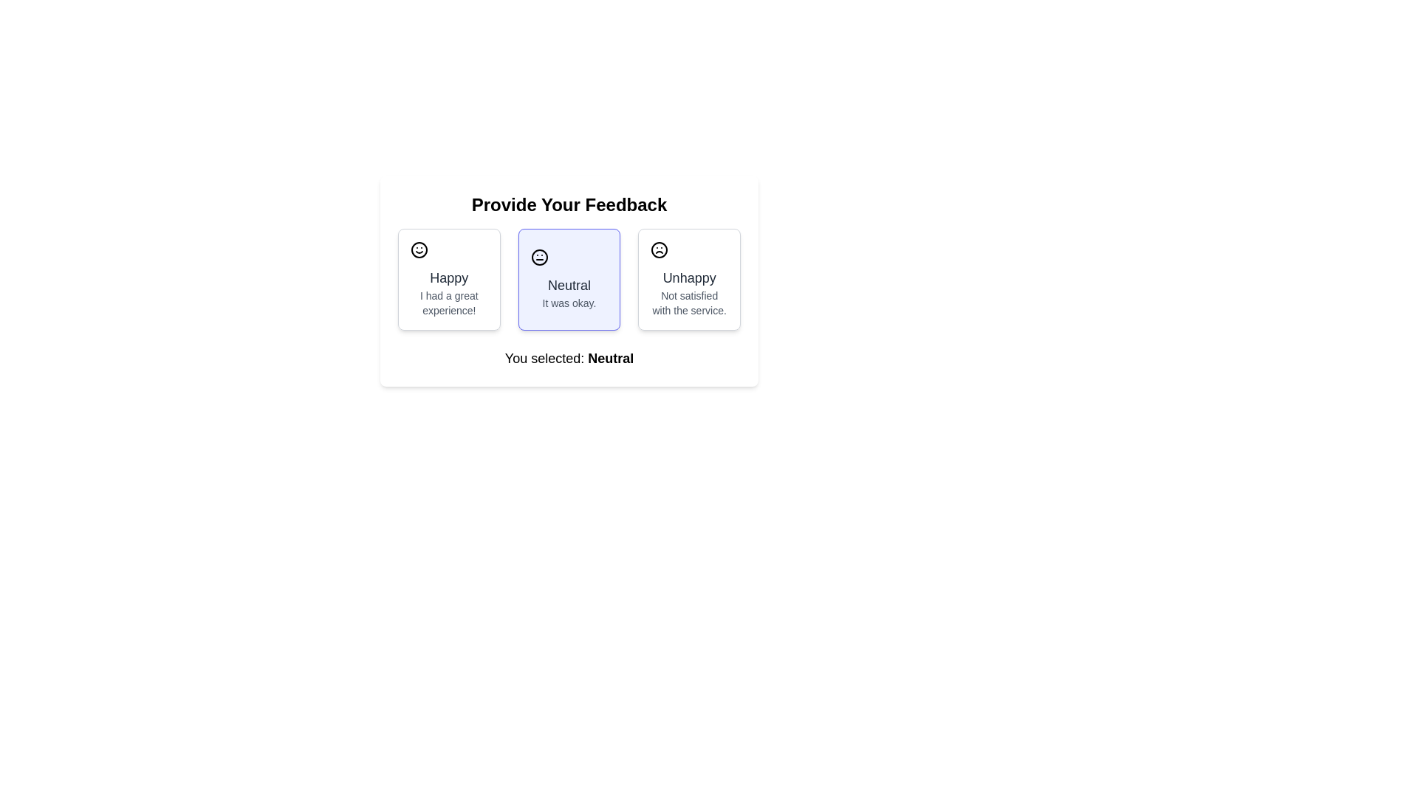 The image size is (1418, 797). Describe the element at coordinates (569, 279) in the screenshot. I see `the 'Neutral' feedback button which is visually represented with a neutral face icon and labeled with 'Neutral' and 'It was okay.'` at that location.